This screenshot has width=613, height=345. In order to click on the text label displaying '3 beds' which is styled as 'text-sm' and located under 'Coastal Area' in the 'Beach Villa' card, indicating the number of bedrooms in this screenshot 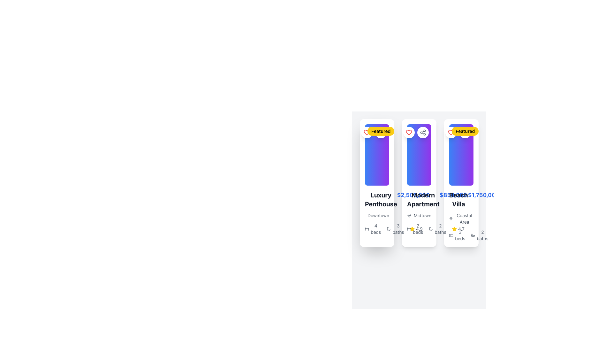, I will do `click(460, 235)`.